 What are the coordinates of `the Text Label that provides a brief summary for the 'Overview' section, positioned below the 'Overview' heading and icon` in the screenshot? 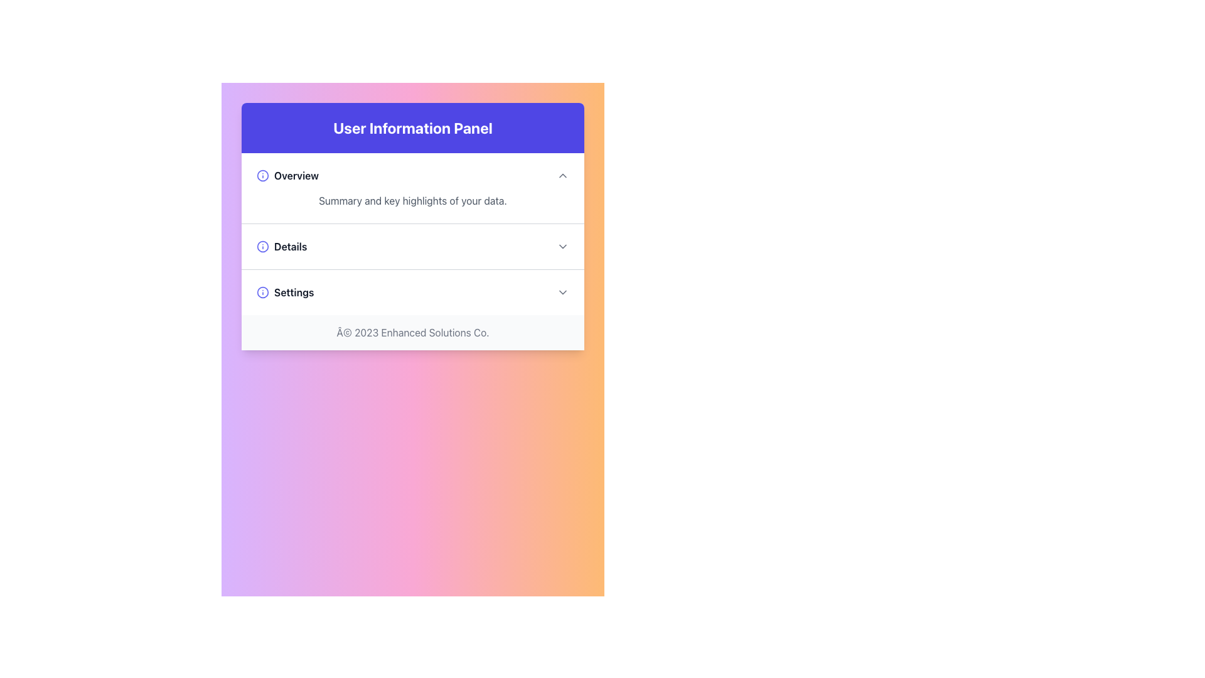 It's located at (412, 200).